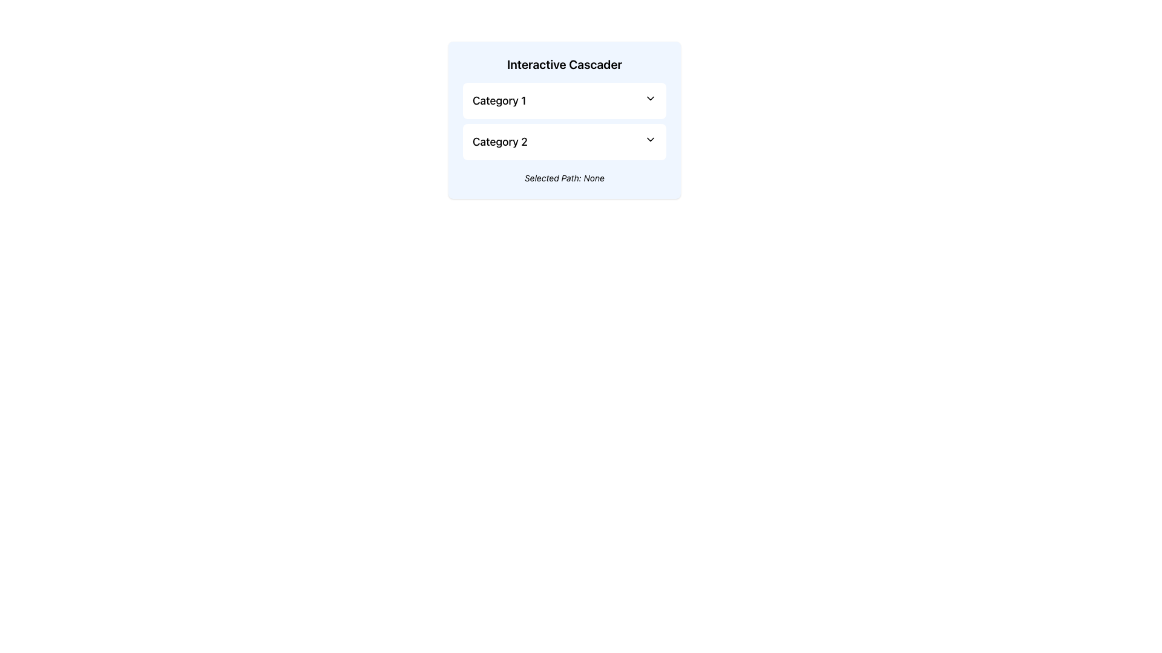 Image resolution: width=1162 pixels, height=653 pixels. What do you see at coordinates (500, 141) in the screenshot?
I see `the 'Category 2' static text element, which is displayed in a bold font within a white rectangular area` at bounding box center [500, 141].